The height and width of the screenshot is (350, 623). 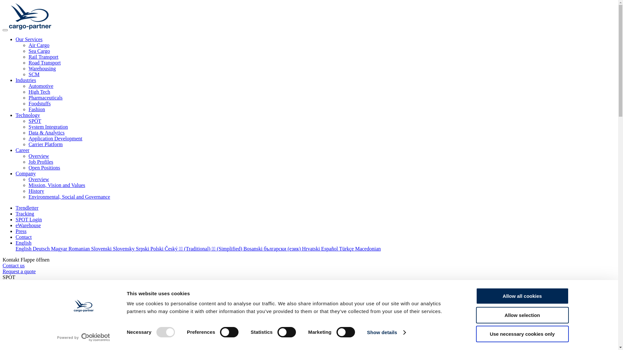 I want to click on 'Polski', so click(x=157, y=248).